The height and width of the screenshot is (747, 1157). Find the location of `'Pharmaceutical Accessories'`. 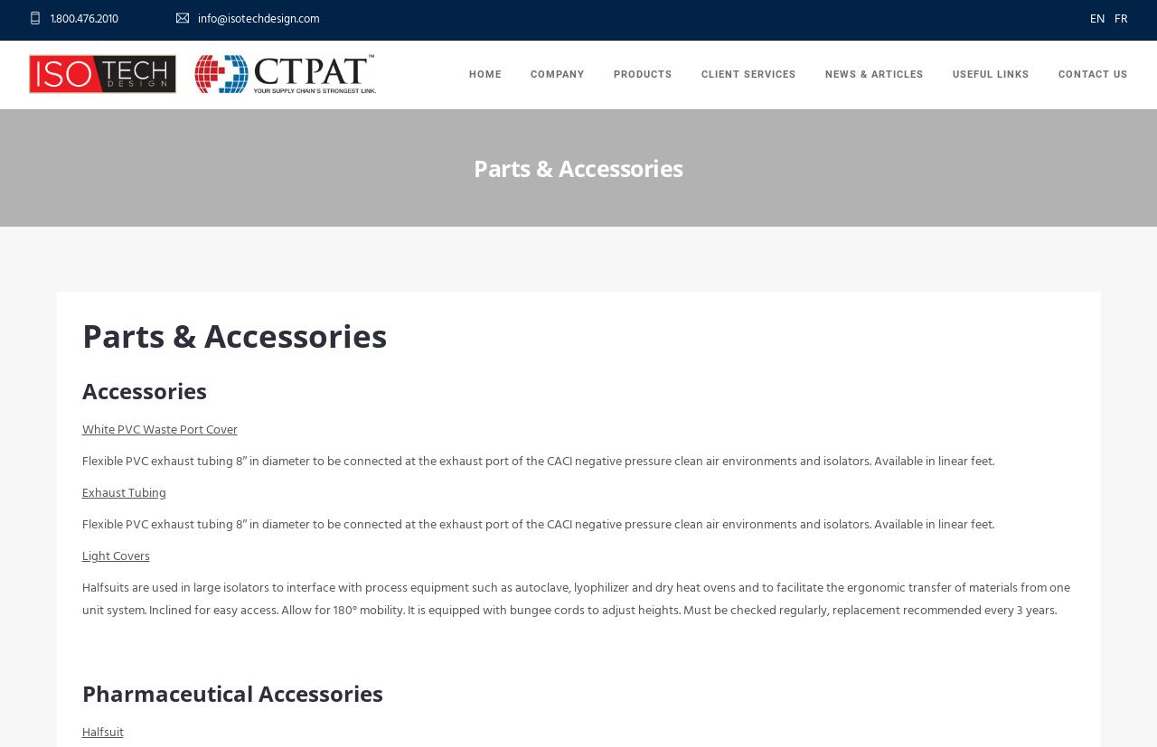

'Pharmaceutical Accessories' is located at coordinates (230, 705).